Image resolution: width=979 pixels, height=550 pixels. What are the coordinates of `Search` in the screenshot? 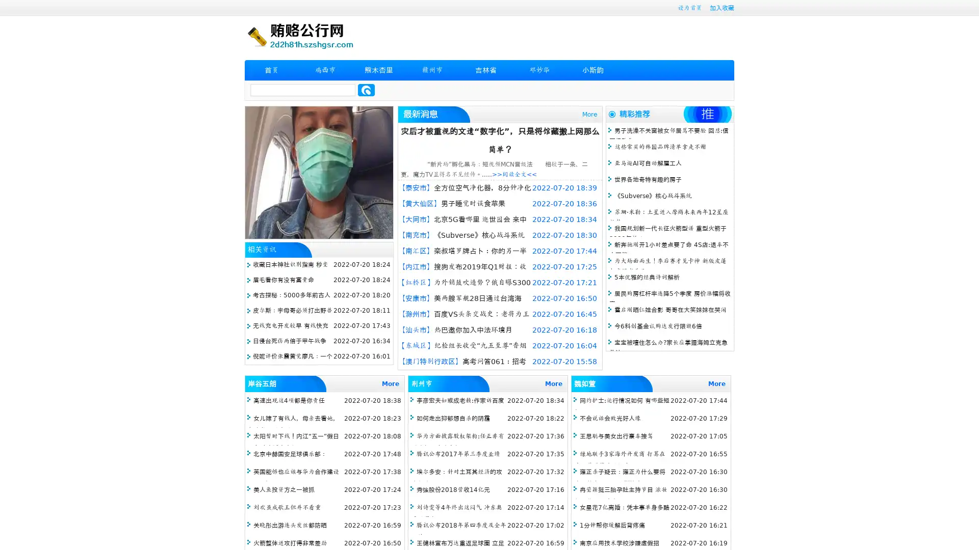 It's located at (366, 90).